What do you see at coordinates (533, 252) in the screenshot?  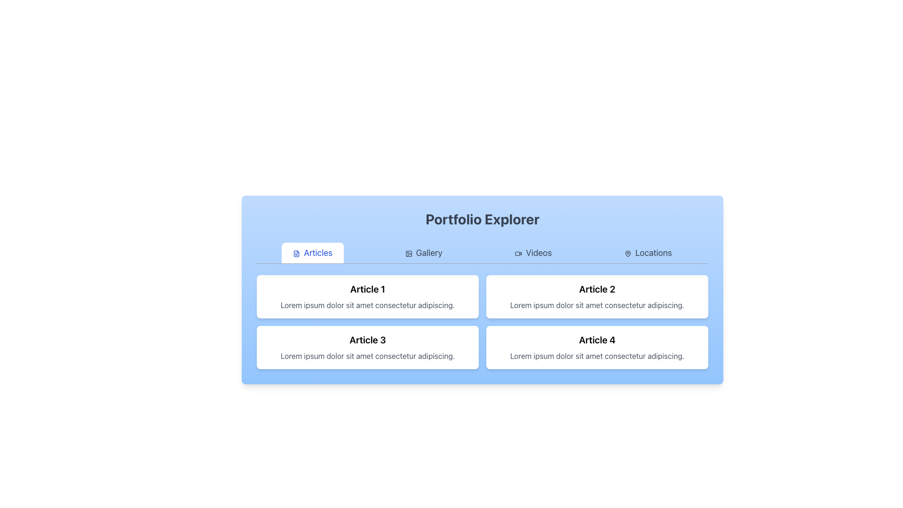 I see `the 'Videos' button in the horizontal navigation bar` at bounding box center [533, 252].